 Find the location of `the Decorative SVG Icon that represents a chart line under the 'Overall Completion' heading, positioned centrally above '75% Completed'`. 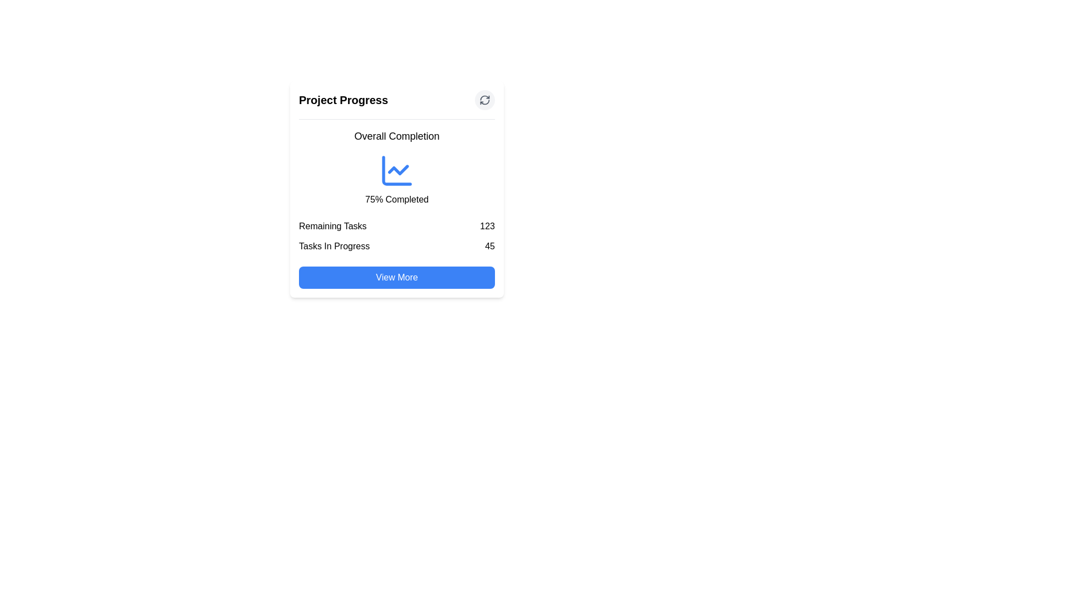

the Decorative SVG Icon that represents a chart line under the 'Overall Completion' heading, positioned centrally above '75% Completed' is located at coordinates (397, 171).